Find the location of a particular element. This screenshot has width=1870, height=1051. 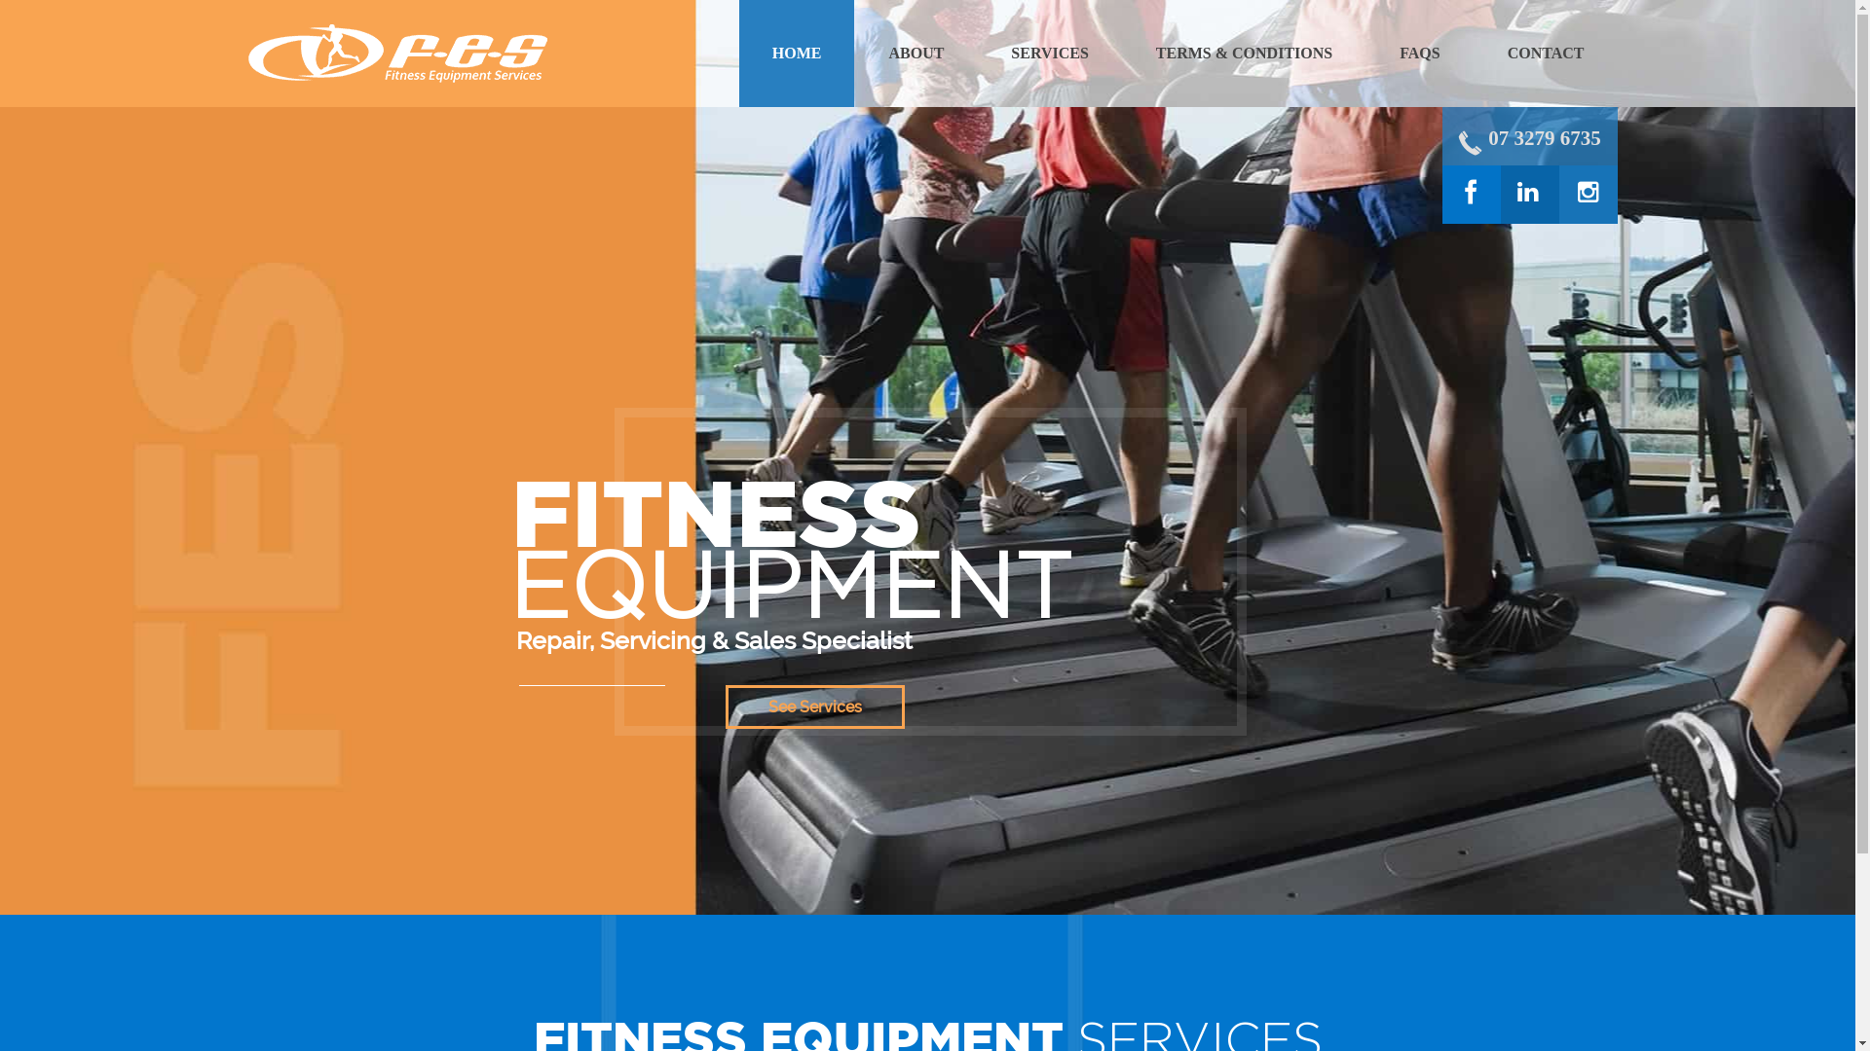

'instagram' is located at coordinates (1568, 181).